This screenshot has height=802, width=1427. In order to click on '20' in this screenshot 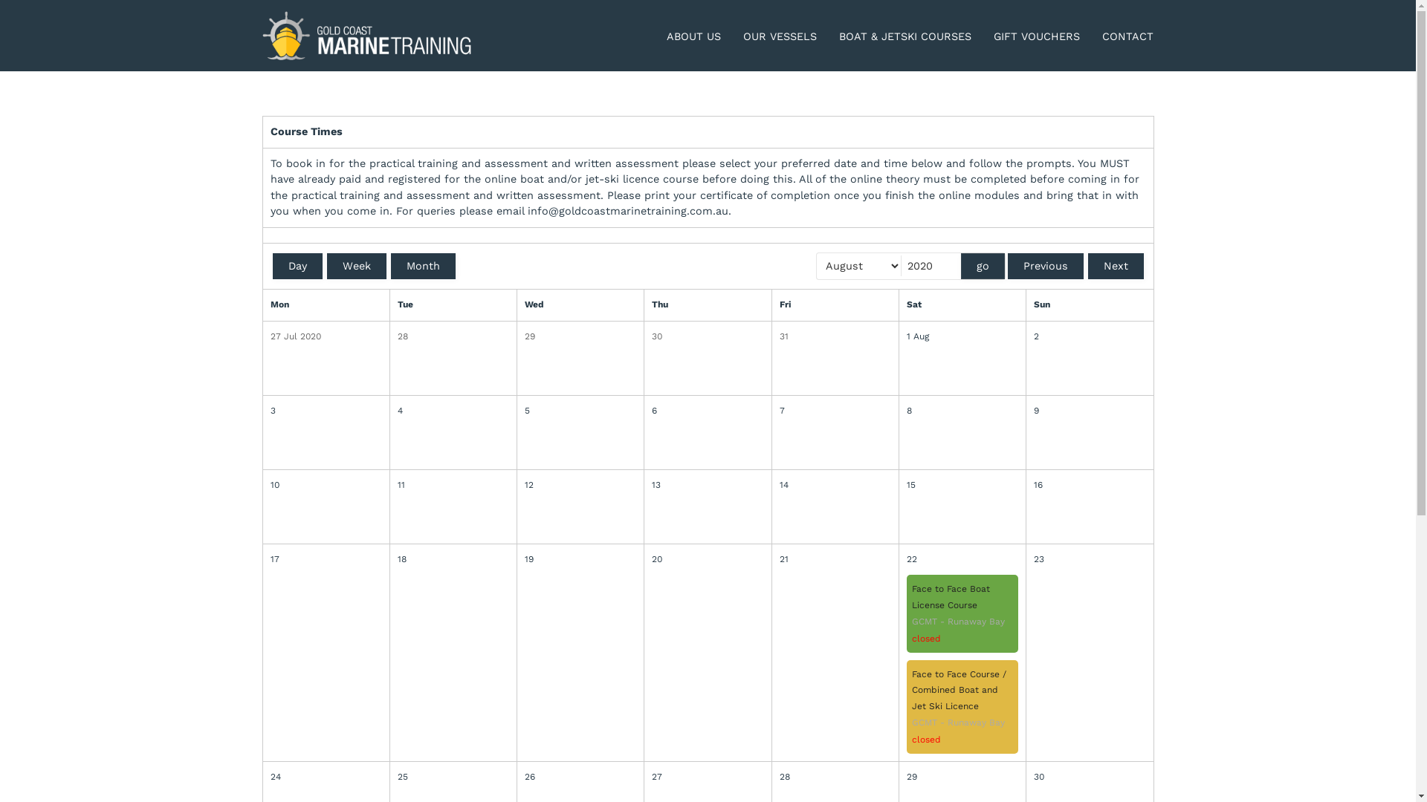, I will do `click(706, 559)`.